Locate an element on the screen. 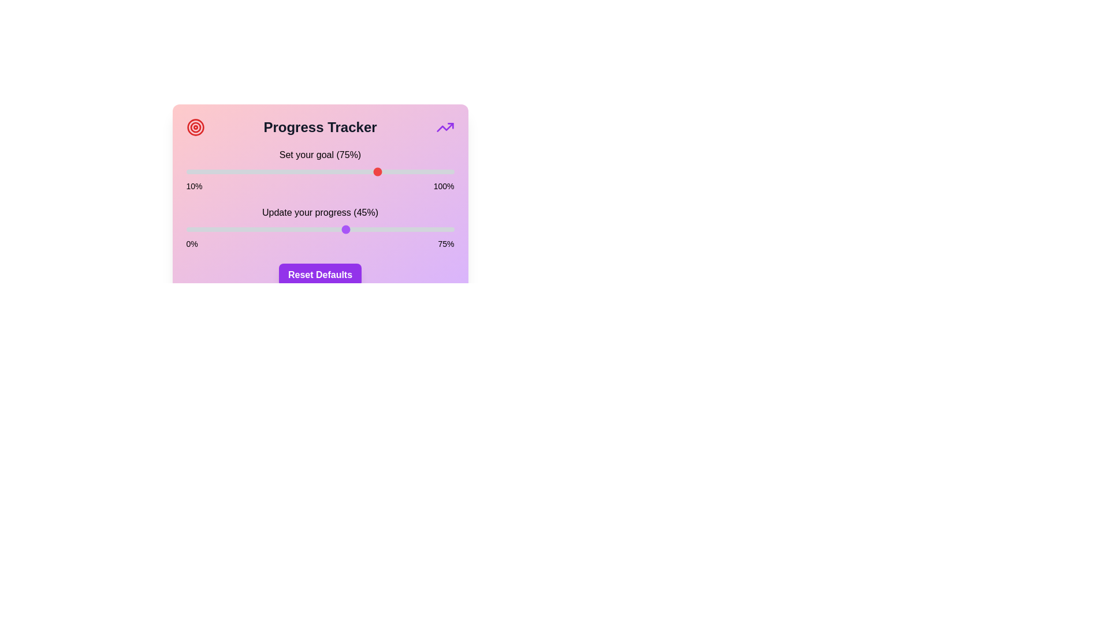 Image resolution: width=1109 pixels, height=623 pixels. the 'Set your goal' slider to 32% is located at coordinates (251, 171).